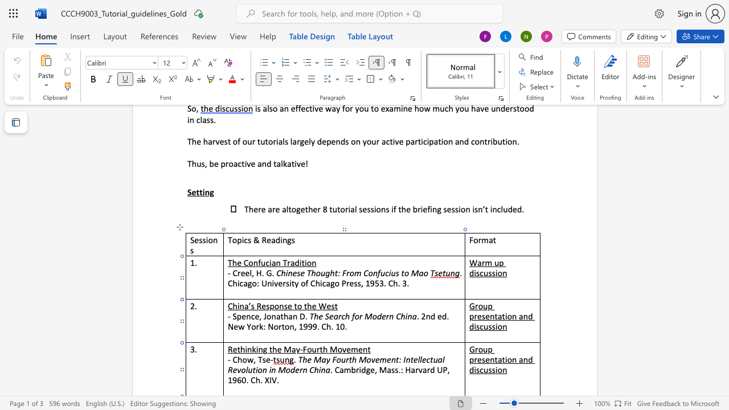 The height and width of the screenshot is (410, 729). What do you see at coordinates (492, 370) in the screenshot?
I see `the space between the continuous character "s" and "s" in the text` at bounding box center [492, 370].